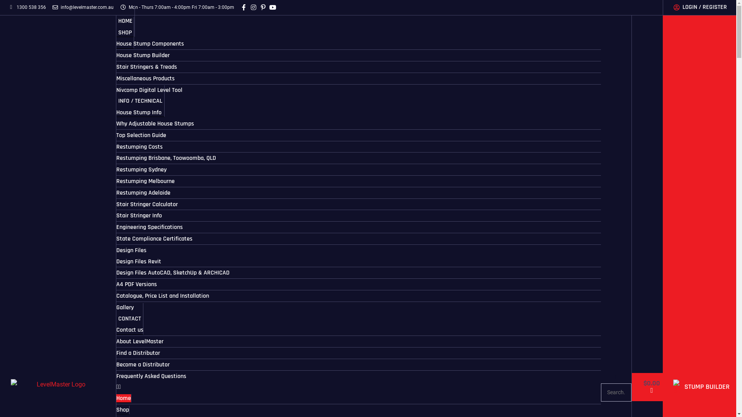 This screenshot has width=742, height=417. What do you see at coordinates (27, 7) in the screenshot?
I see `'1300 538 356'` at bounding box center [27, 7].